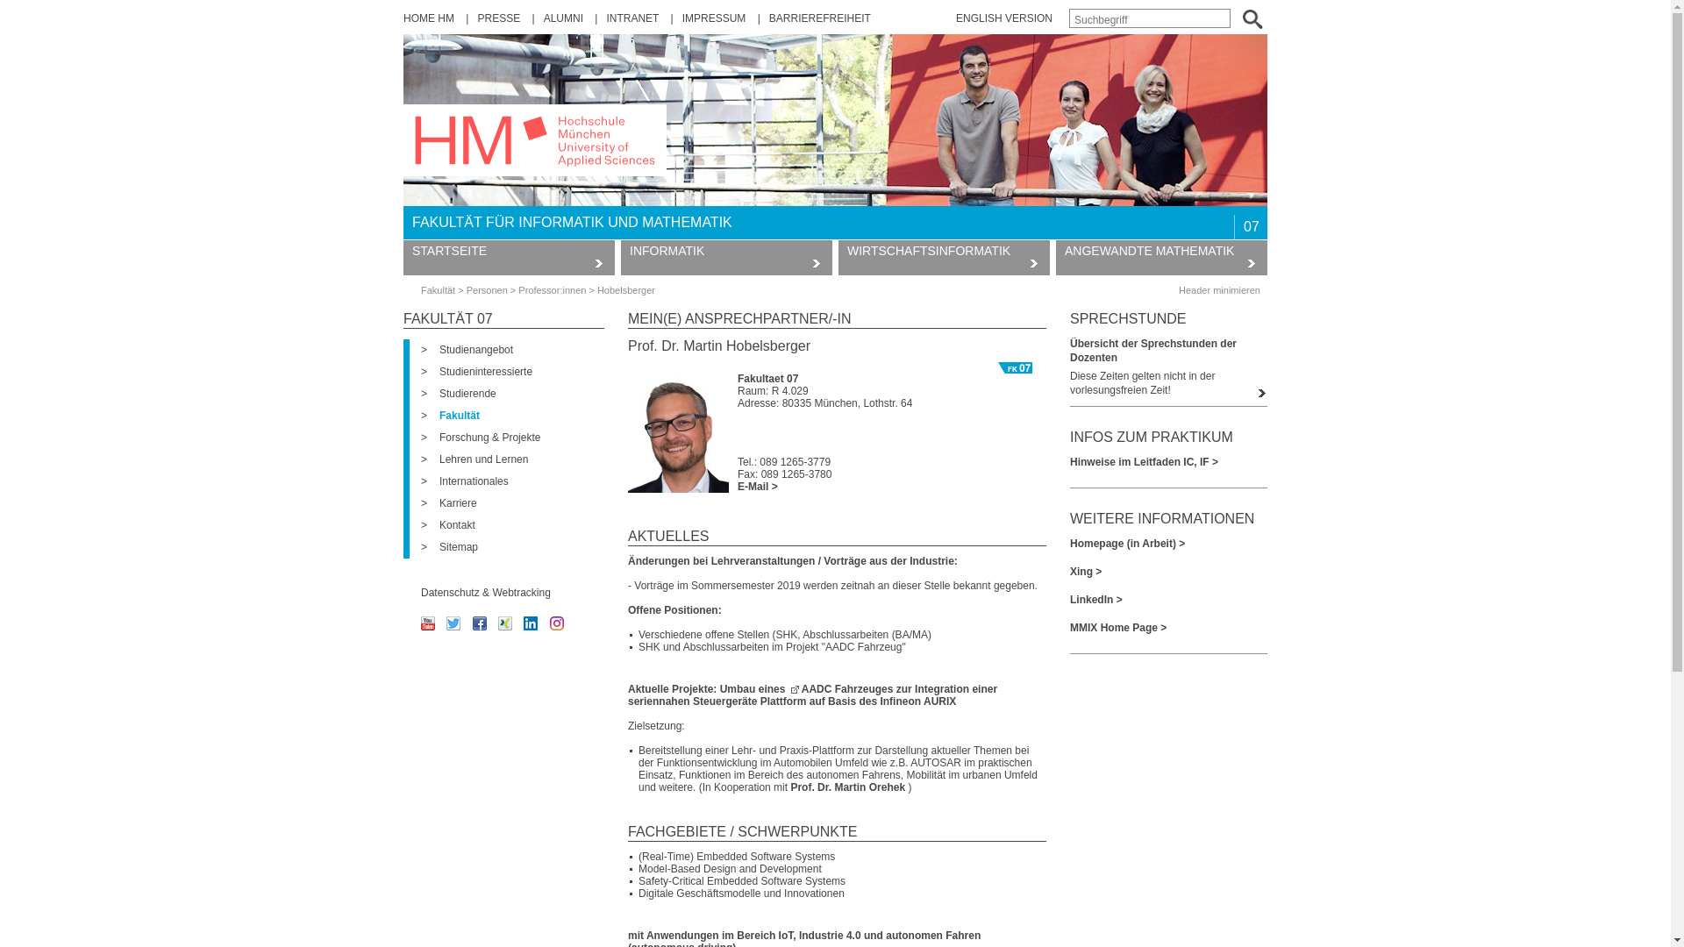  I want to click on 'Hinweise im Leitfaden IC, IF >', so click(1168, 461).